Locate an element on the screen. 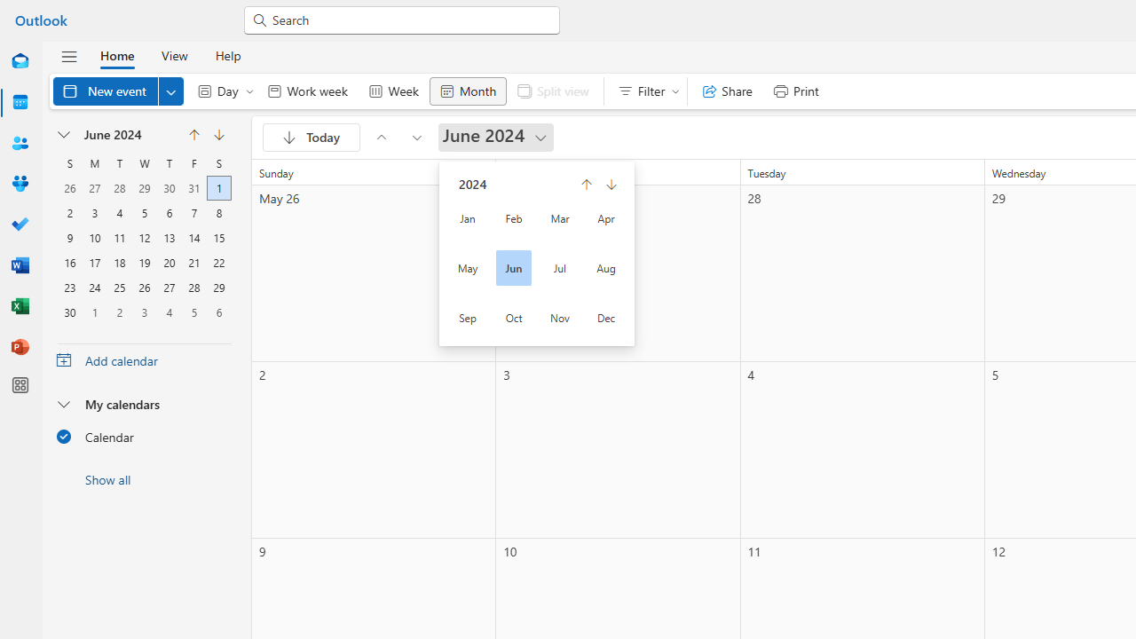 This screenshot has width=1136, height=639. 'My calendars' is located at coordinates (144, 404).